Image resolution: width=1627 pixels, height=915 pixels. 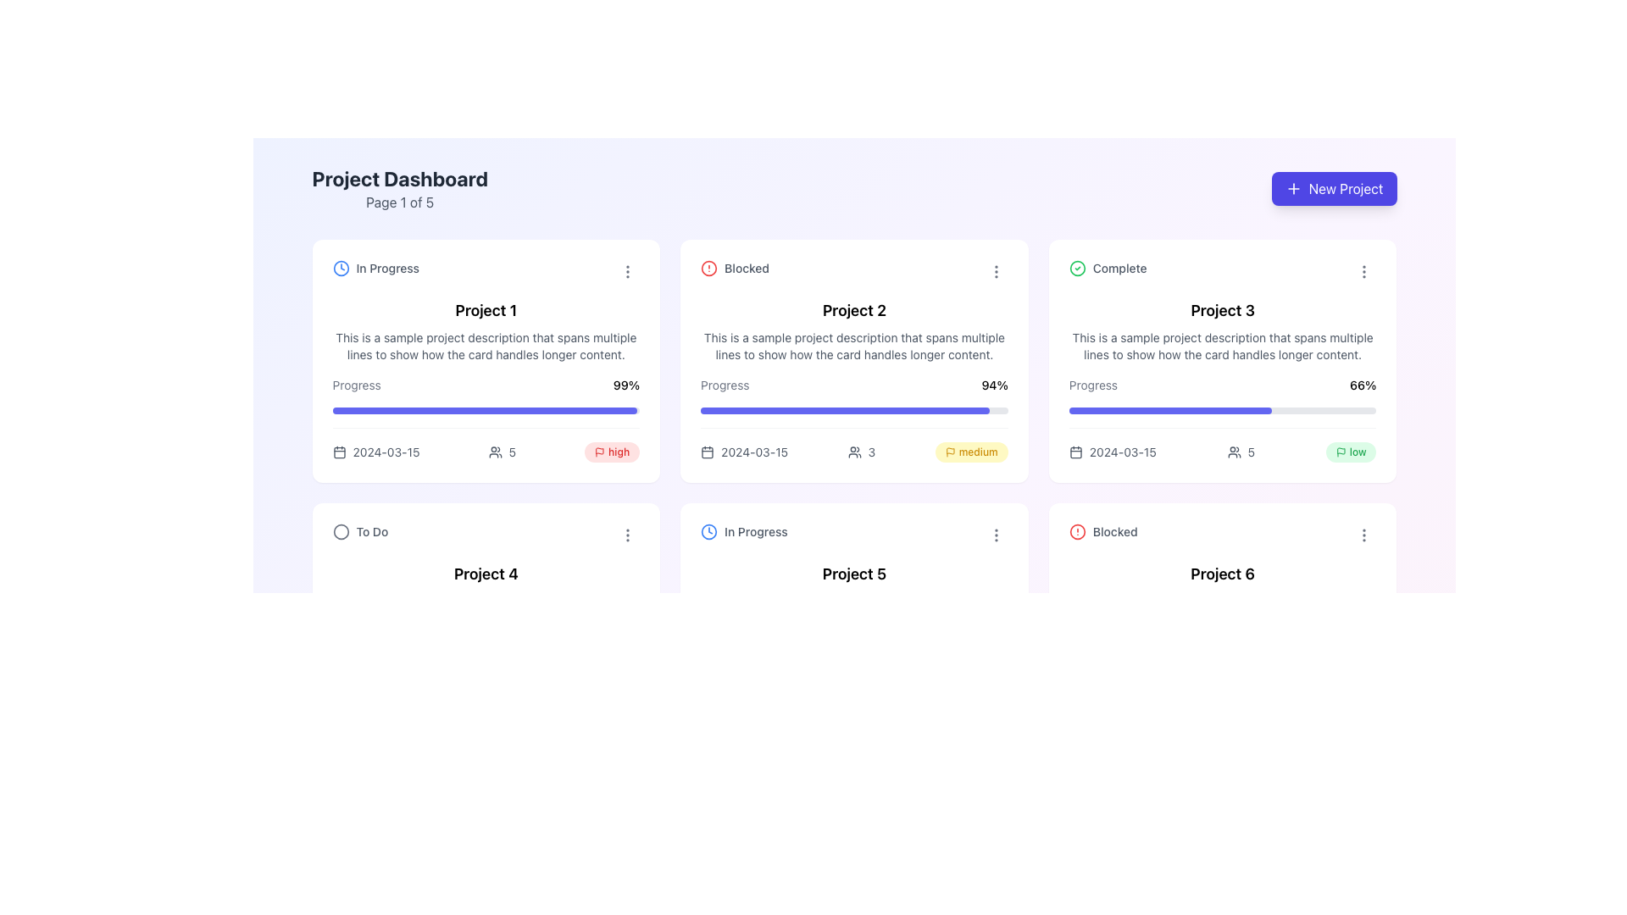 What do you see at coordinates (627, 271) in the screenshot?
I see `the menu trigger button located at the top-right corner of the 'Project 1' card` at bounding box center [627, 271].